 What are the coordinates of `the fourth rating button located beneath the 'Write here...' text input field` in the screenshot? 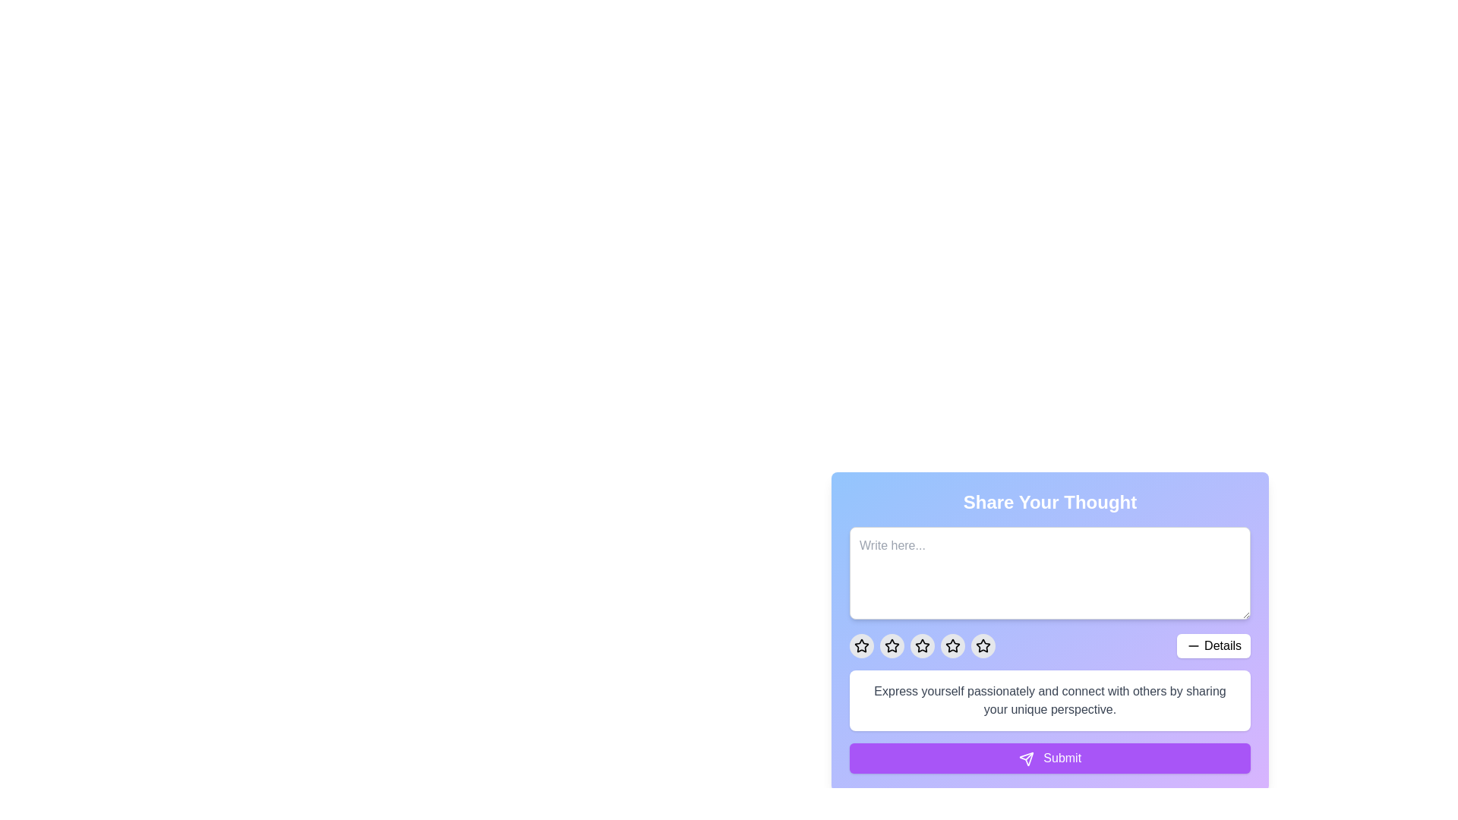 It's located at (951, 646).